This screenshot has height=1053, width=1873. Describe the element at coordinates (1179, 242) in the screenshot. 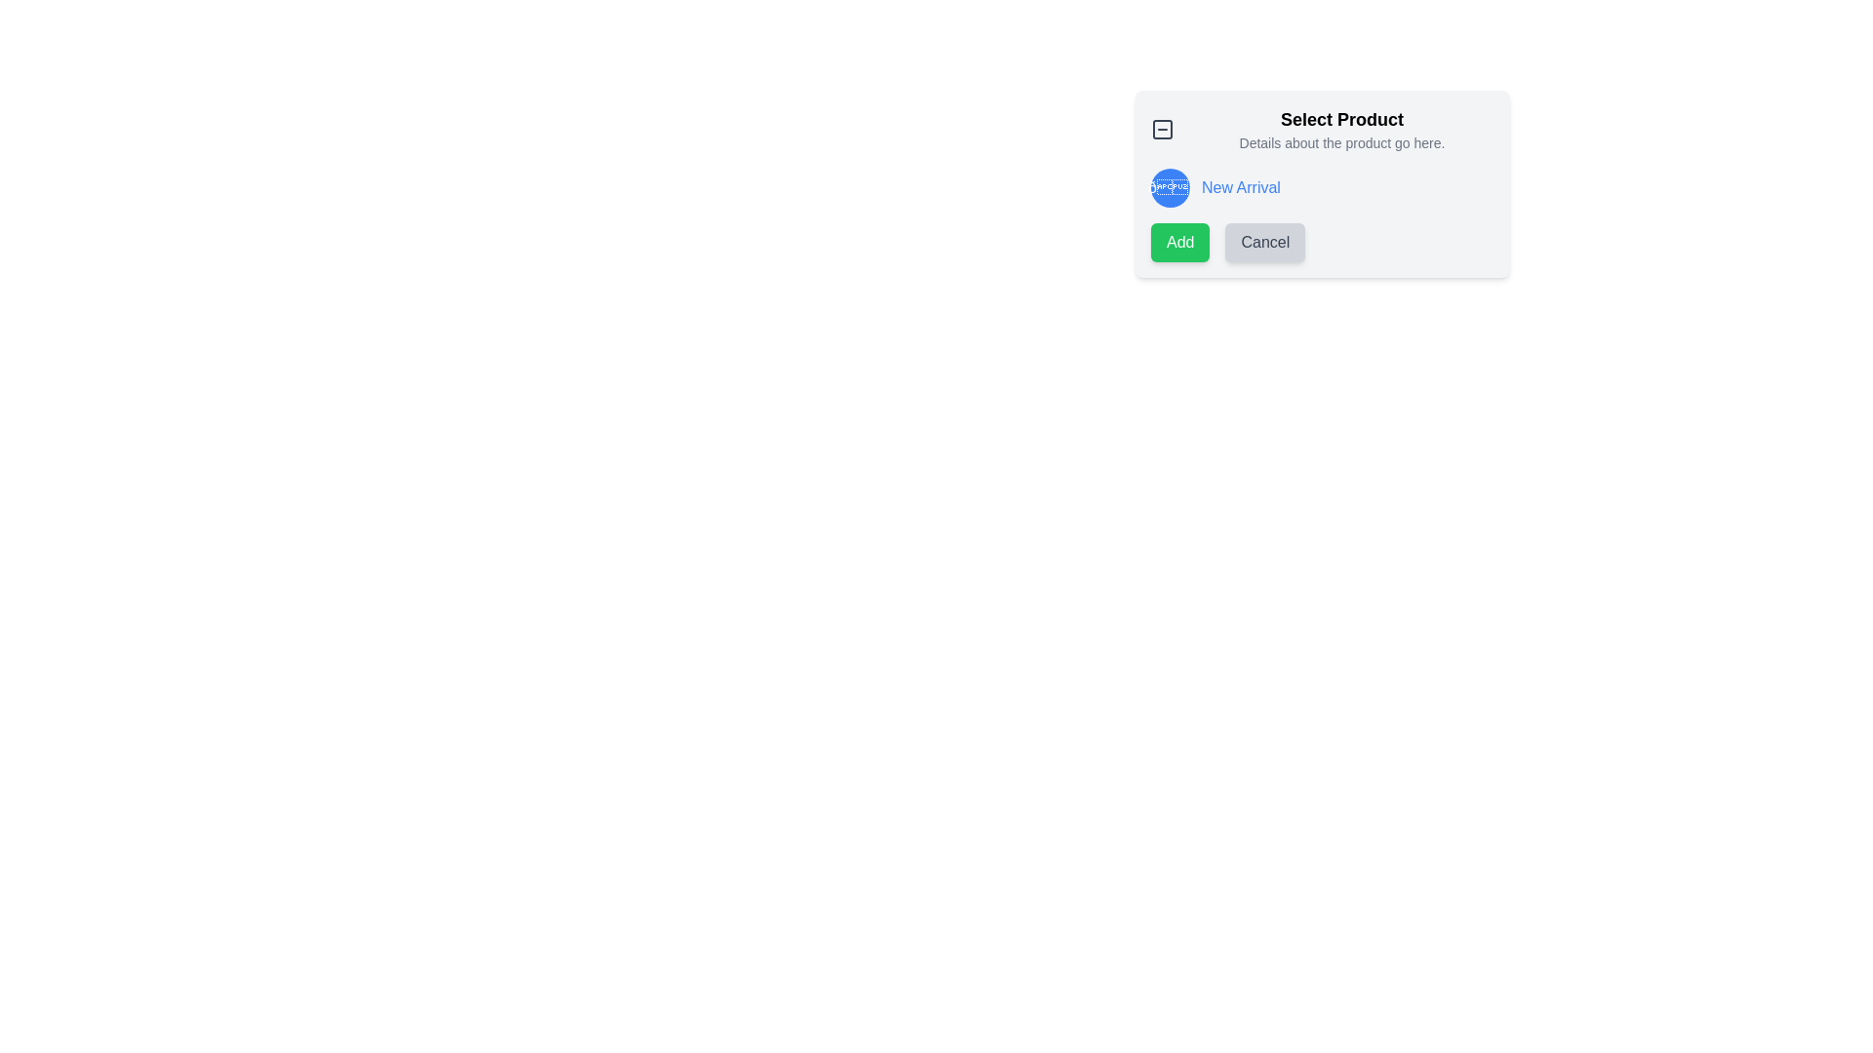

I see `the confirm button located below the 'New Arrival' link in the 'Select Product' section` at that location.